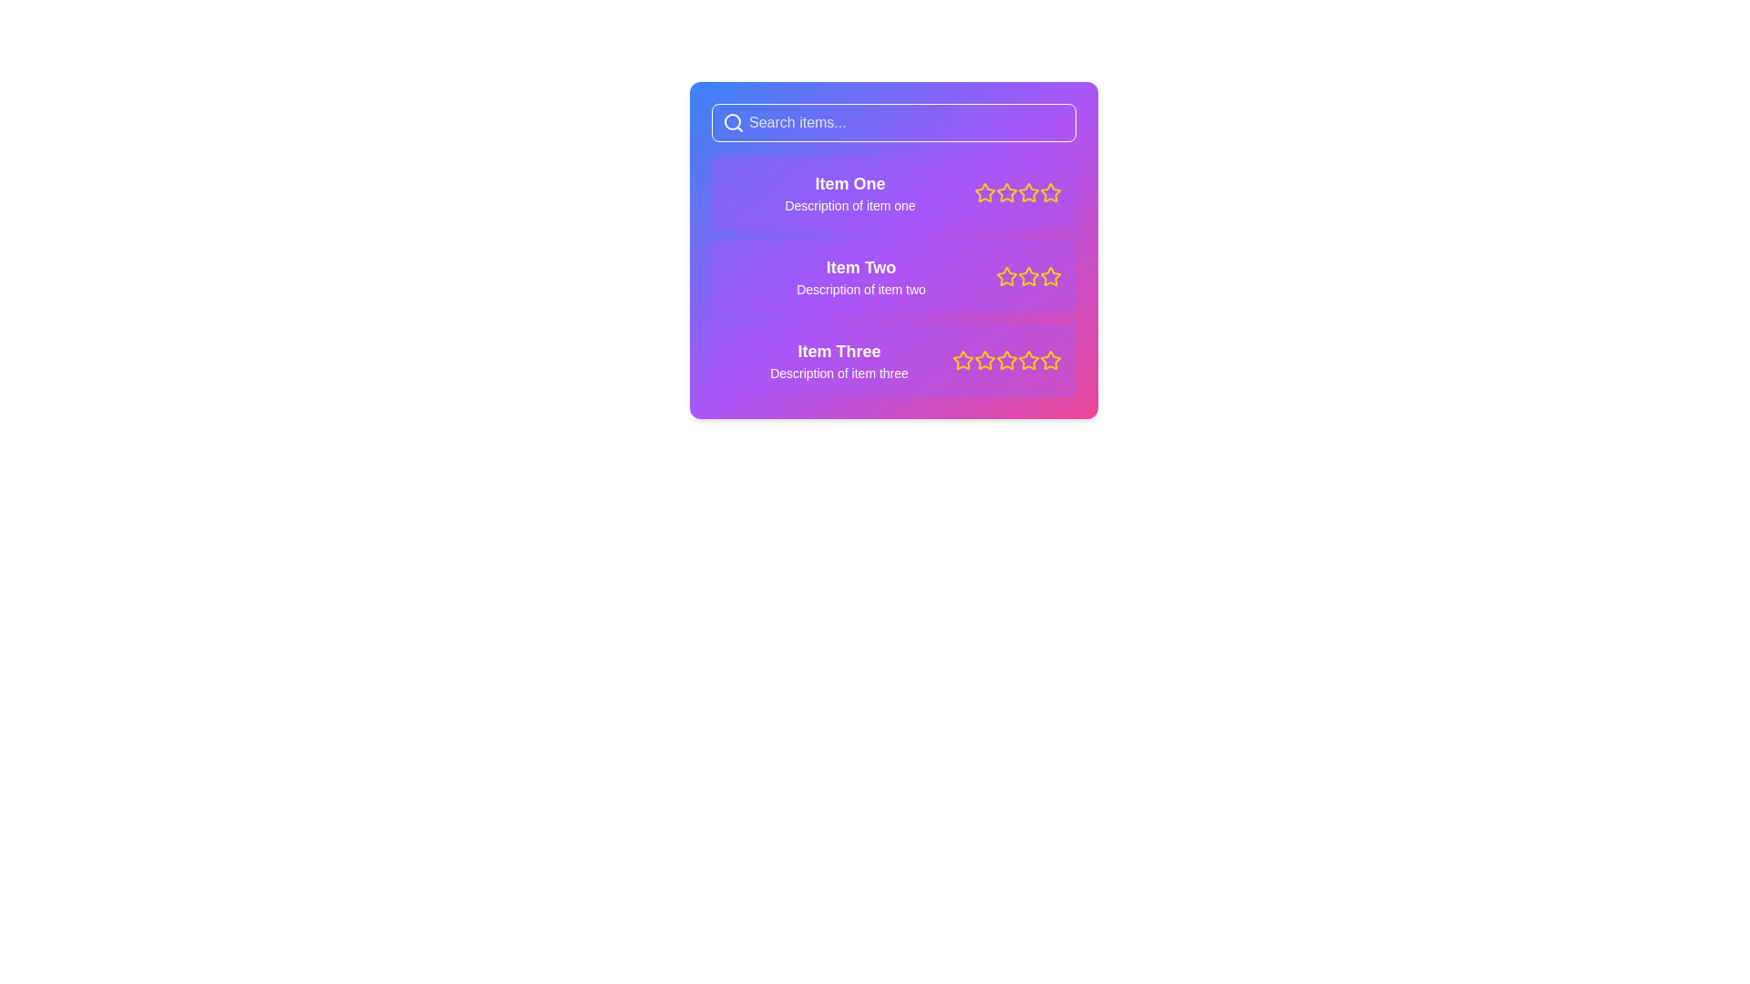 This screenshot has height=984, width=1750. I want to click on the second star icon in the 5-star rating system for 'Item Three' to rate it, so click(983, 361).